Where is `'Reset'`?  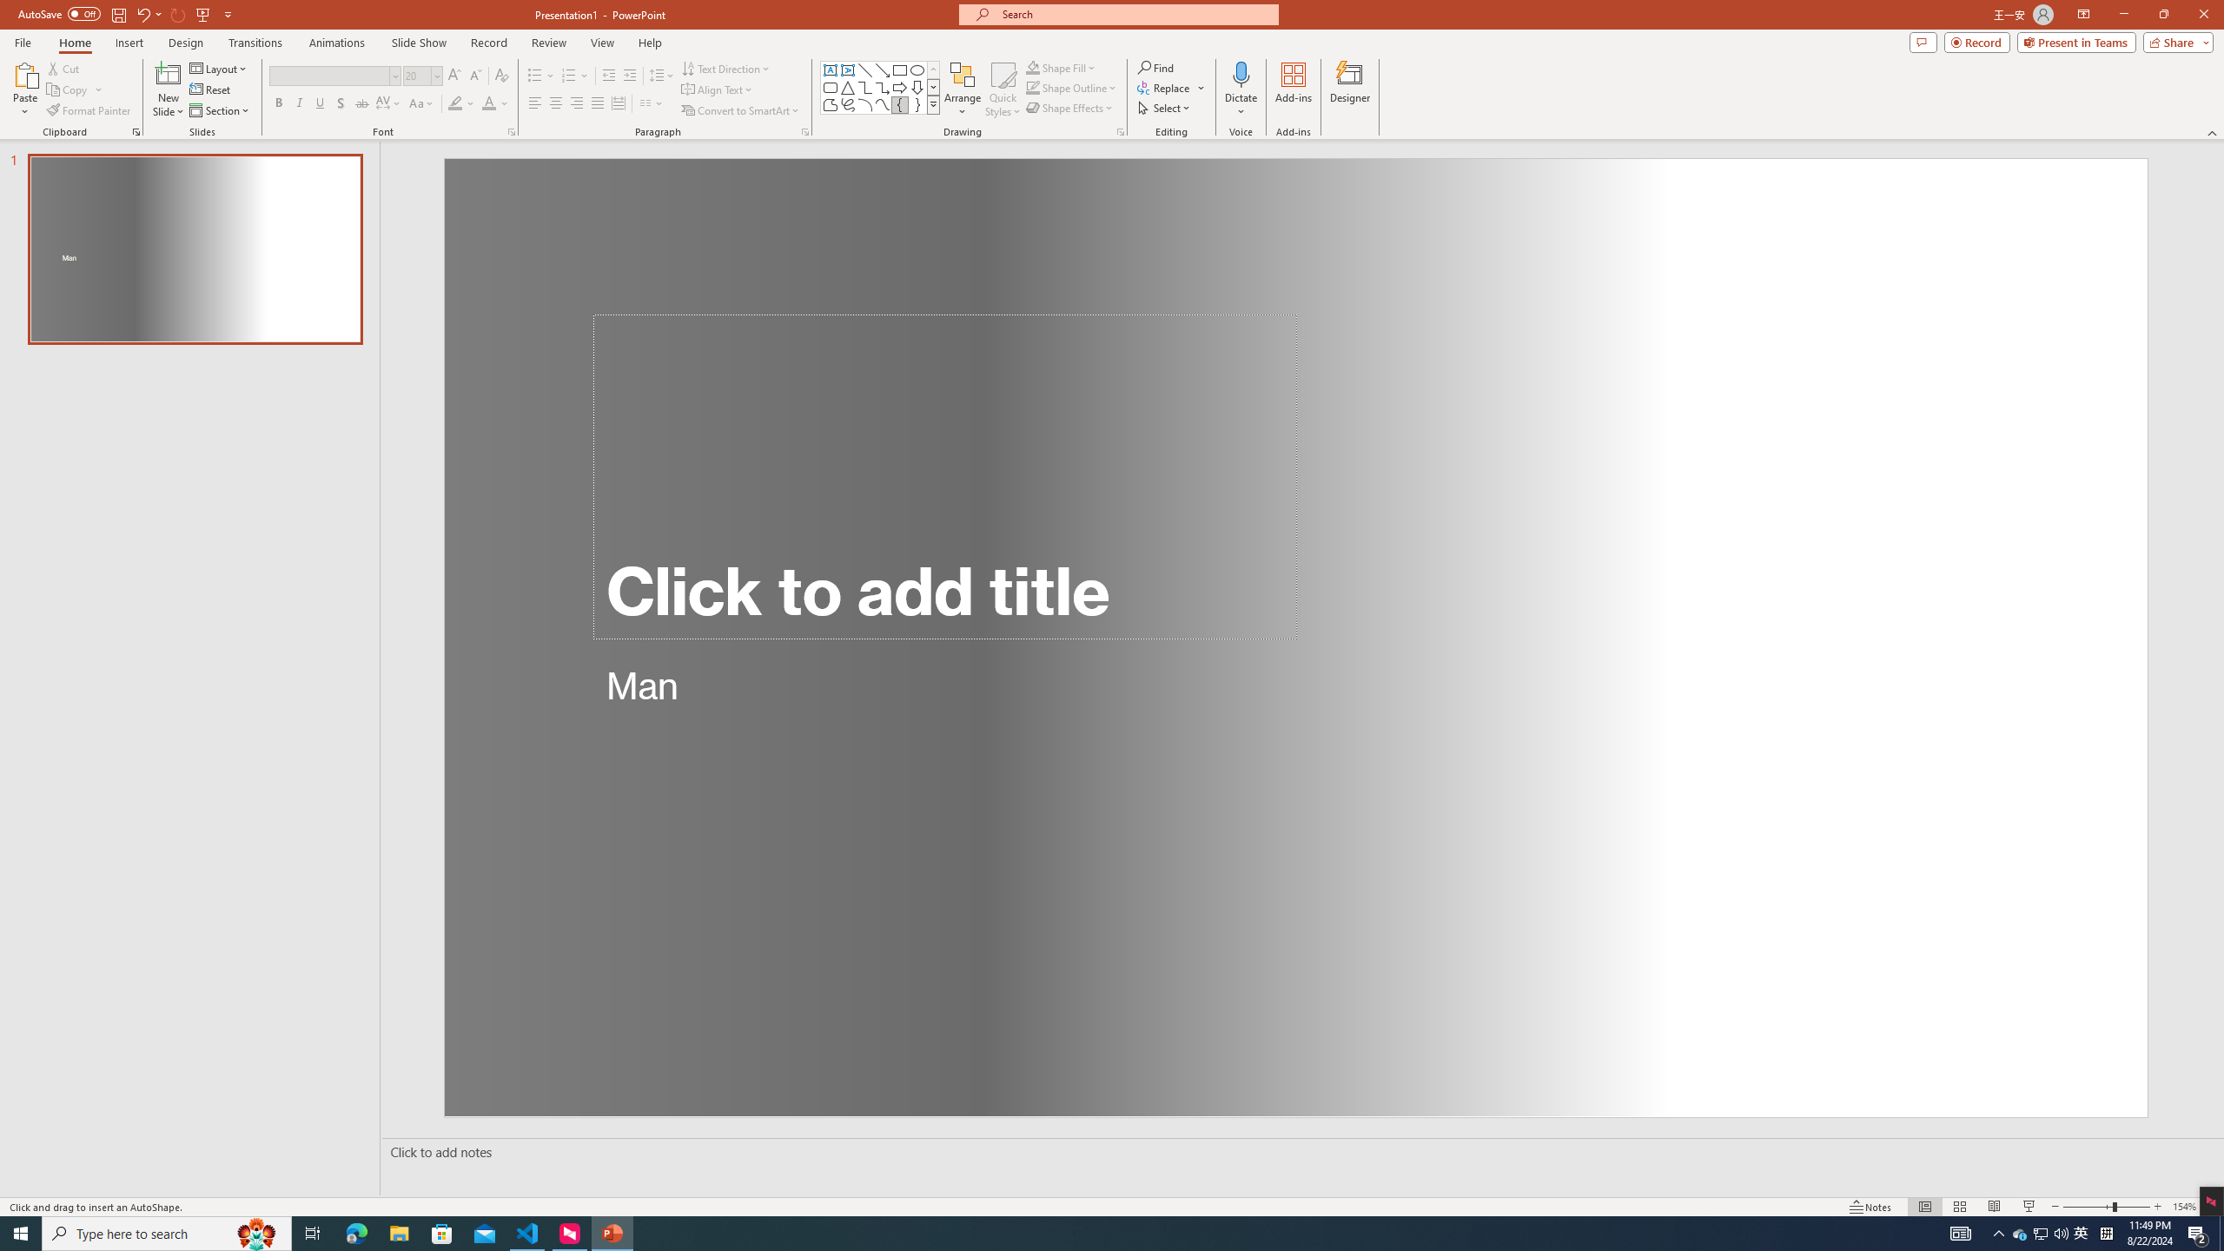
'Reset' is located at coordinates (210, 89).